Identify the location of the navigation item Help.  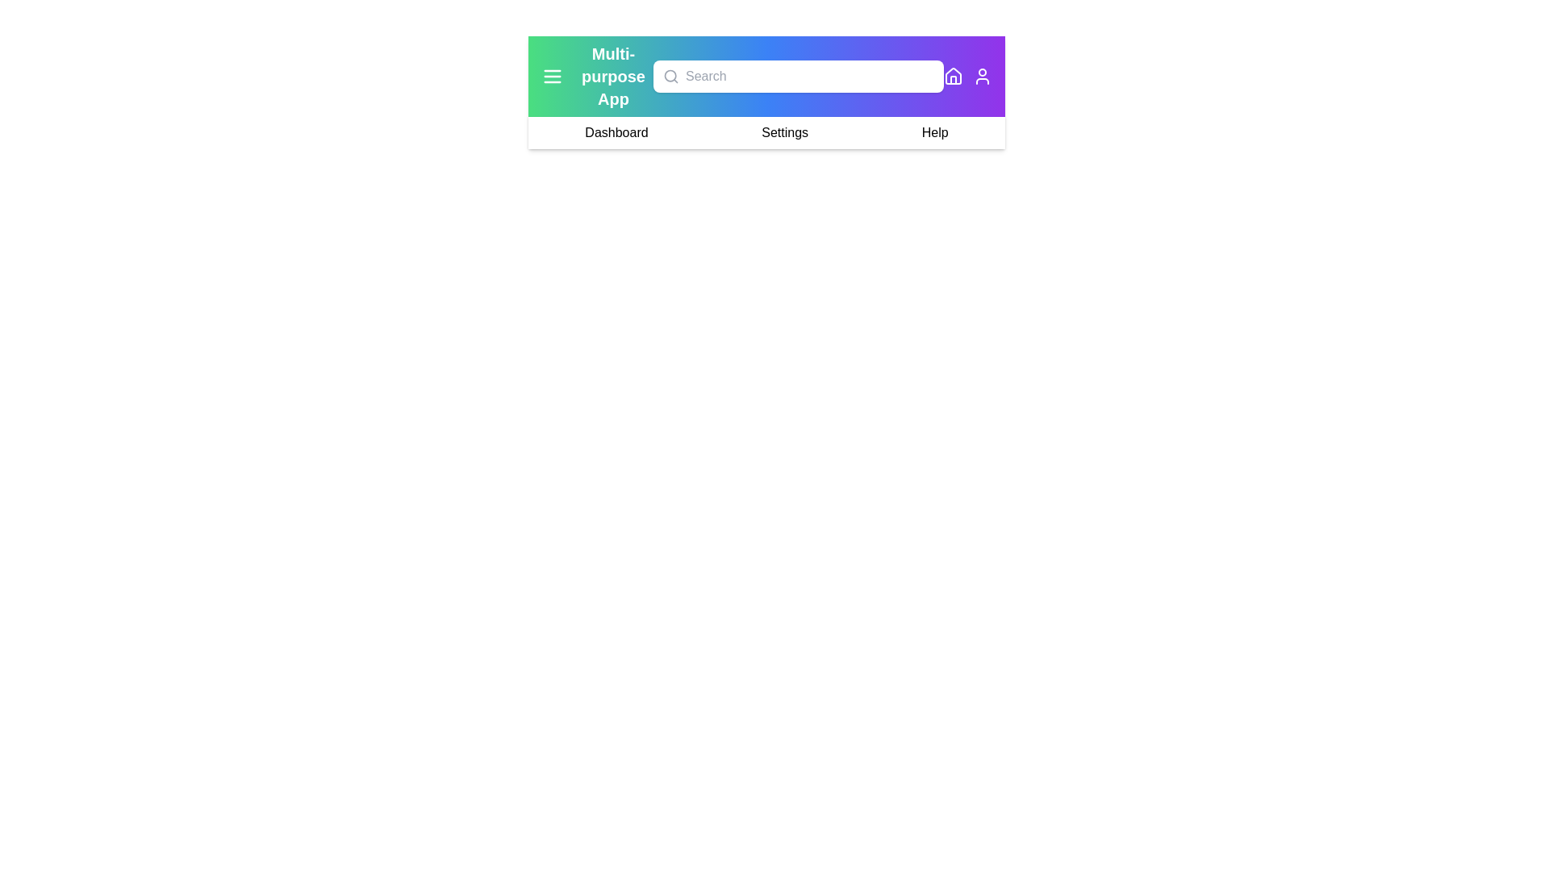
(935, 132).